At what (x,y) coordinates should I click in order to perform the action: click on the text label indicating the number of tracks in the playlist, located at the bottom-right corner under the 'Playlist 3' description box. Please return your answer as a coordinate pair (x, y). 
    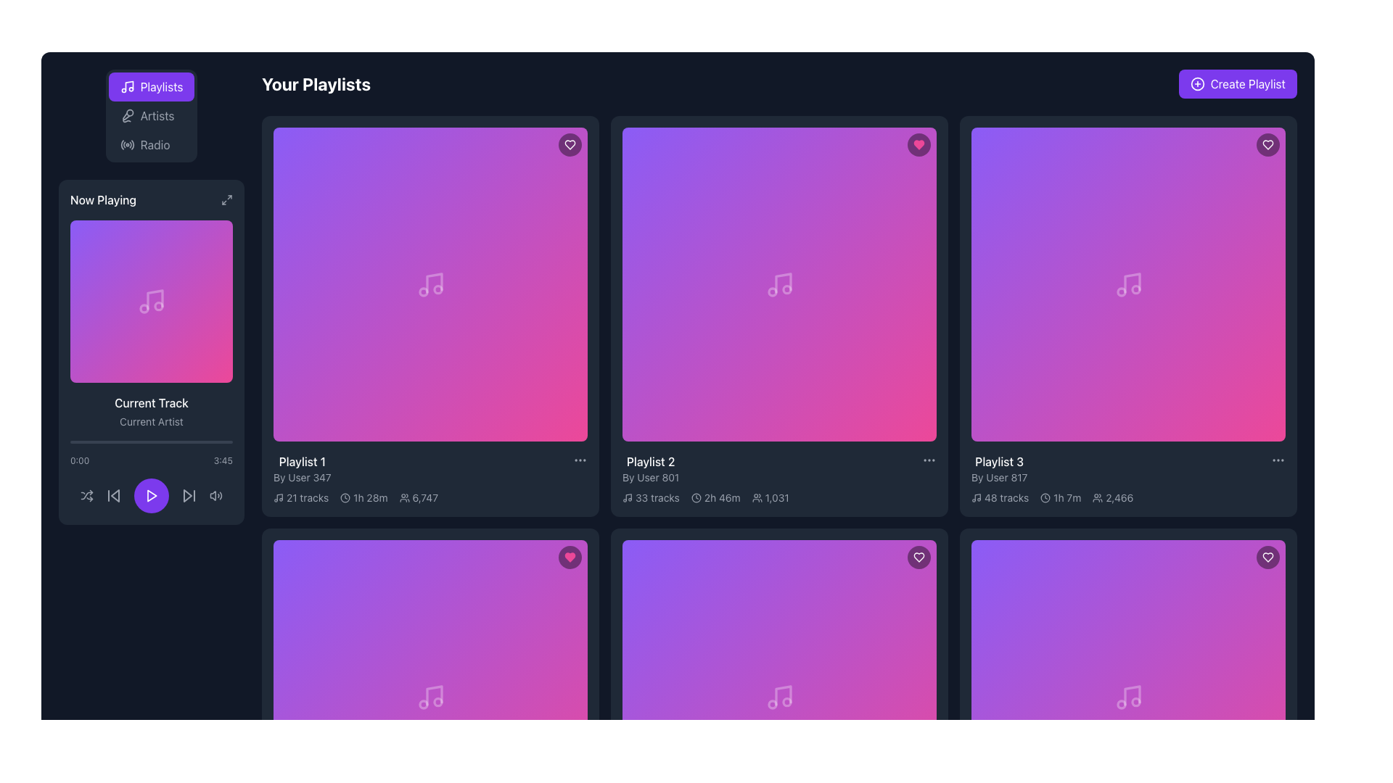
    Looking at the image, I should click on (1006, 497).